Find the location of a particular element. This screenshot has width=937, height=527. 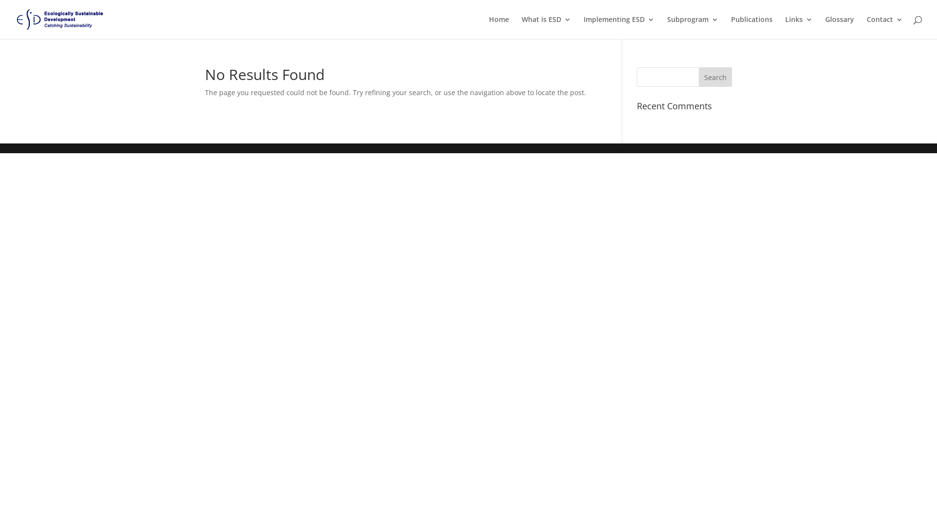

'Glossary' is located at coordinates (839, 27).